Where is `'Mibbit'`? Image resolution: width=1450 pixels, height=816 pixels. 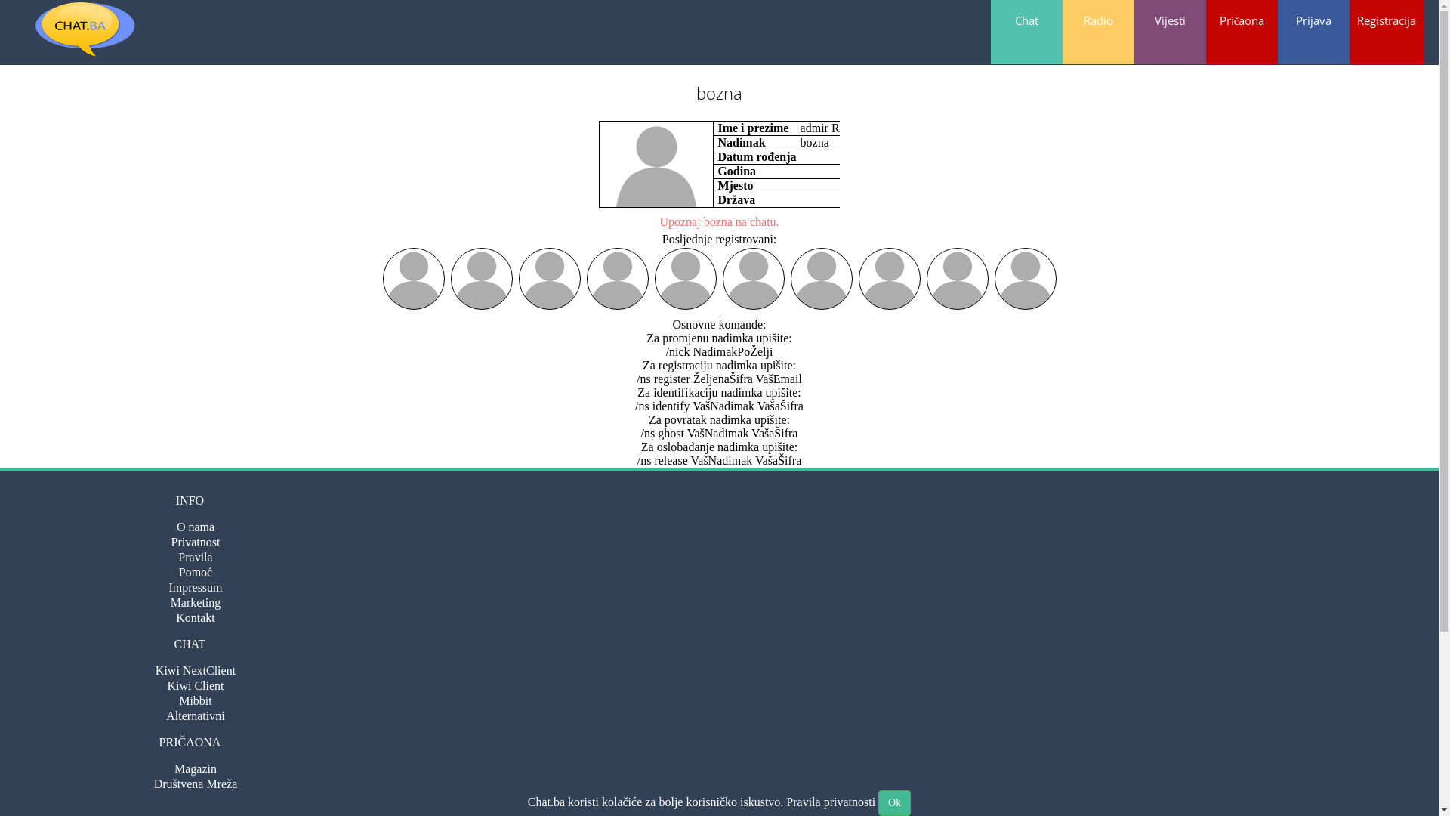 'Mibbit' is located at coordinates (195, 700).